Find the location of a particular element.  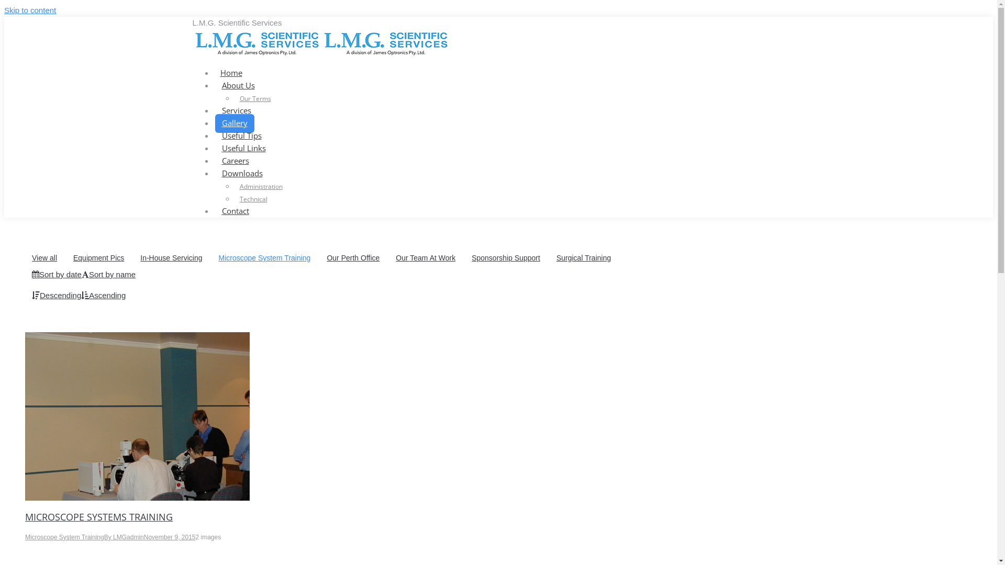

'Our Terms' is located at coordinates (233, 98).